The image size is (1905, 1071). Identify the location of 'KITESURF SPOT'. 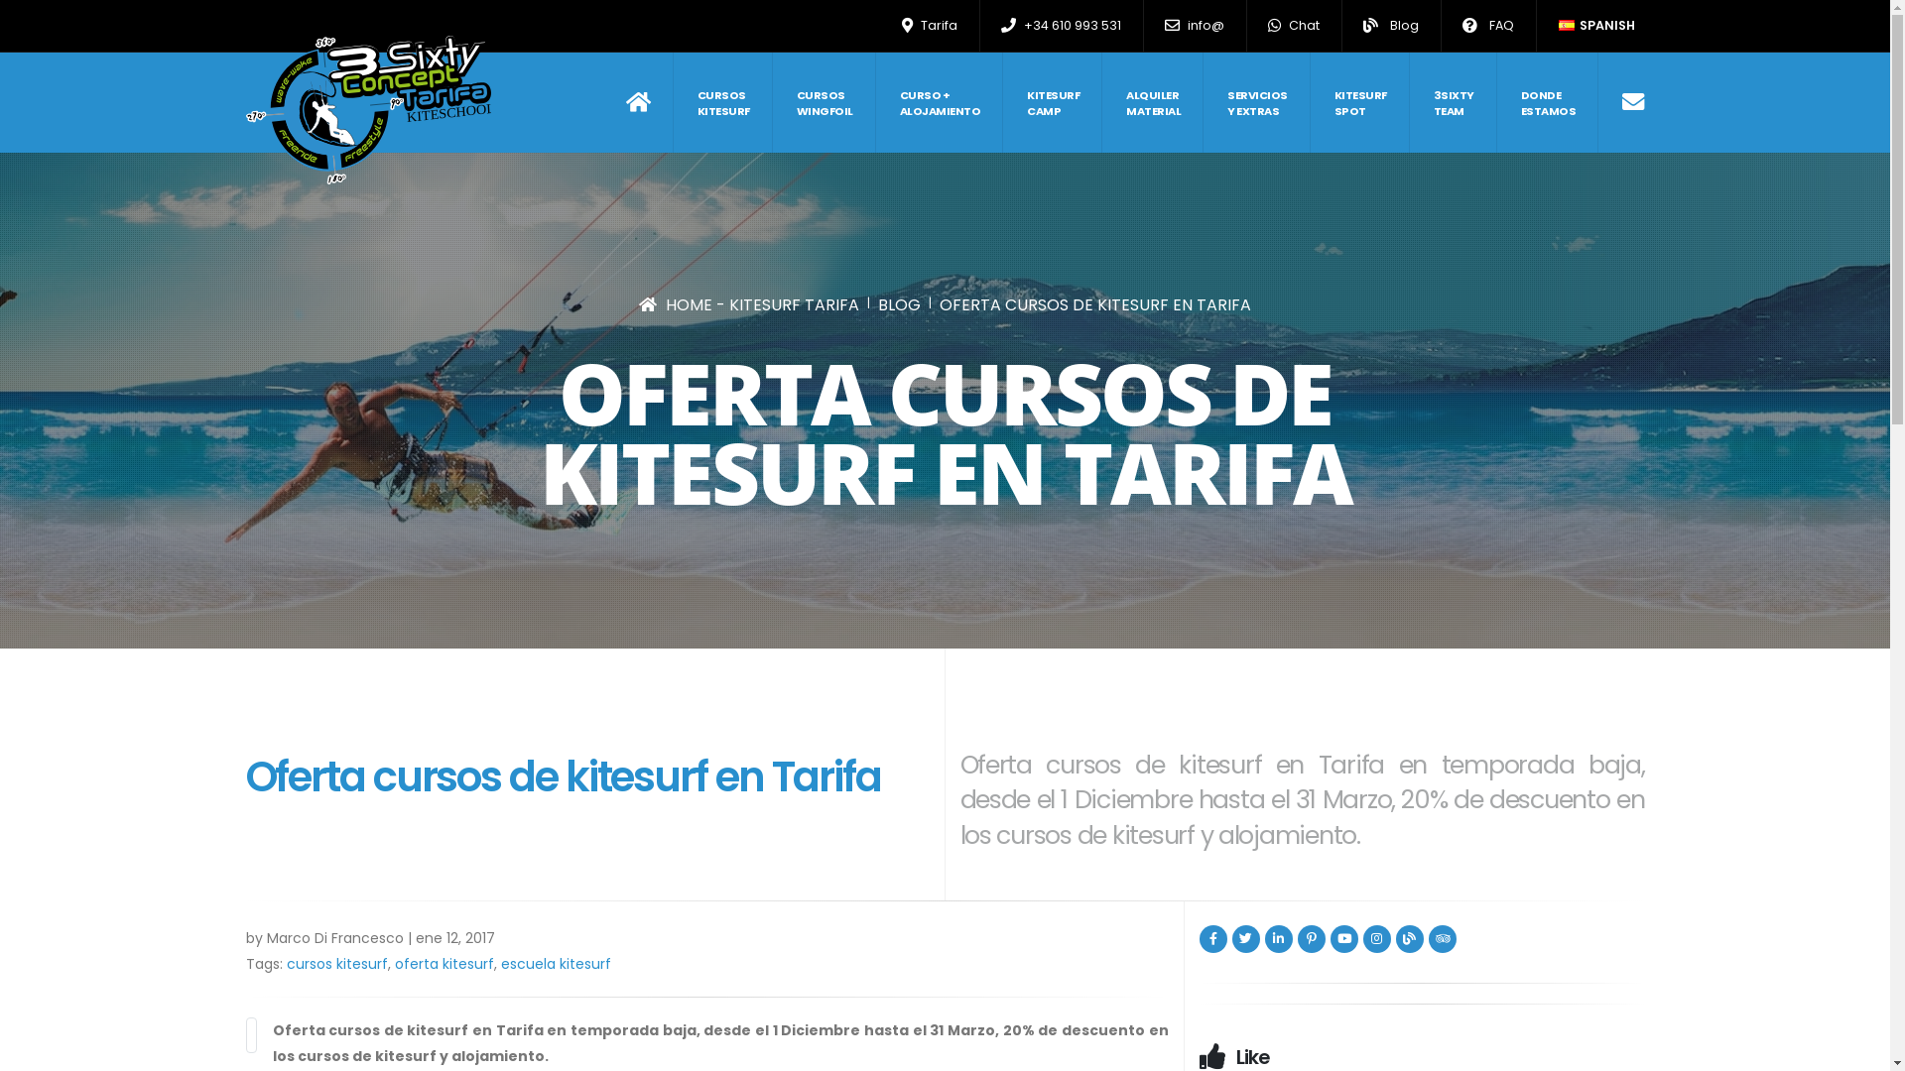
(1359, 102).